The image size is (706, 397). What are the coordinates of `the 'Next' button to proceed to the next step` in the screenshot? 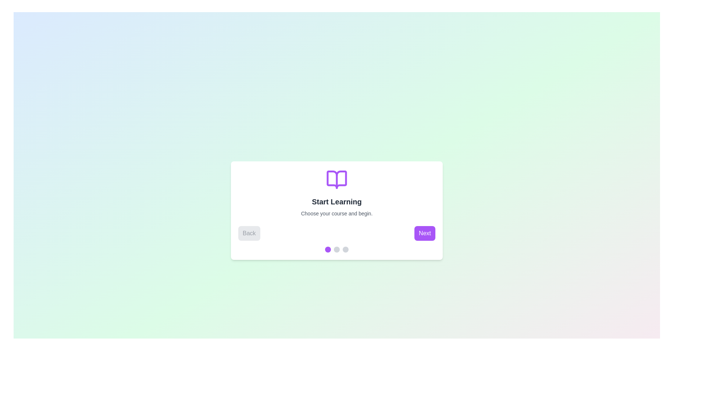 It's located at (425, 233).